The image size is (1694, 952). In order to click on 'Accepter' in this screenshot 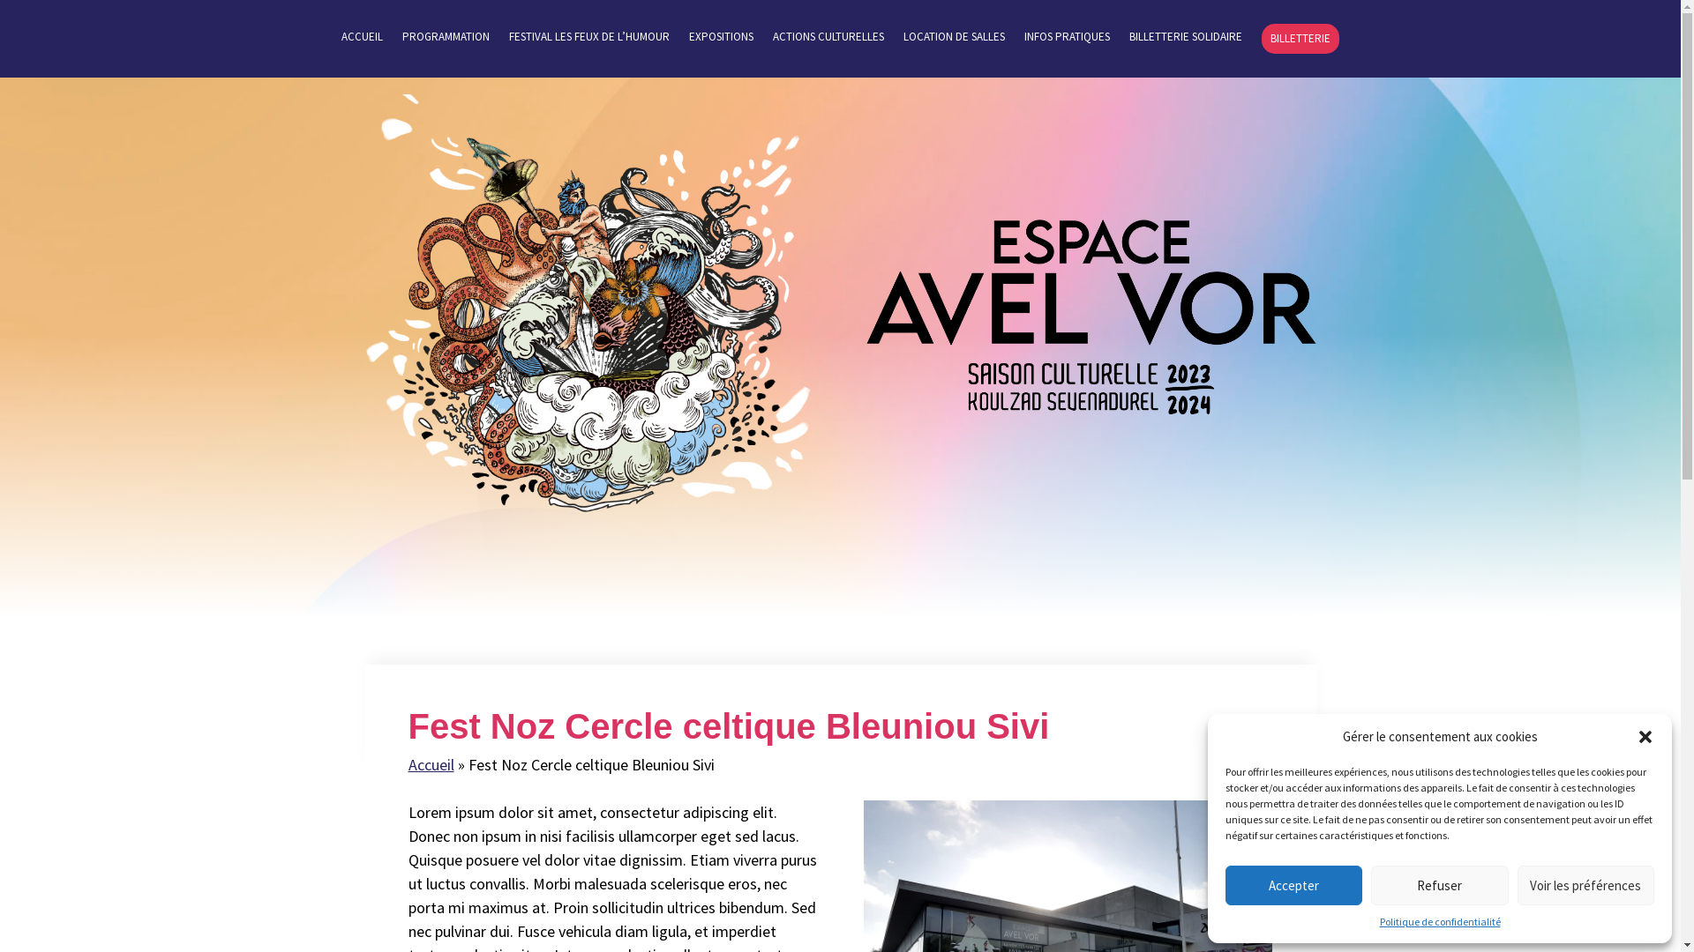, I will do `click(1293, 885)`.